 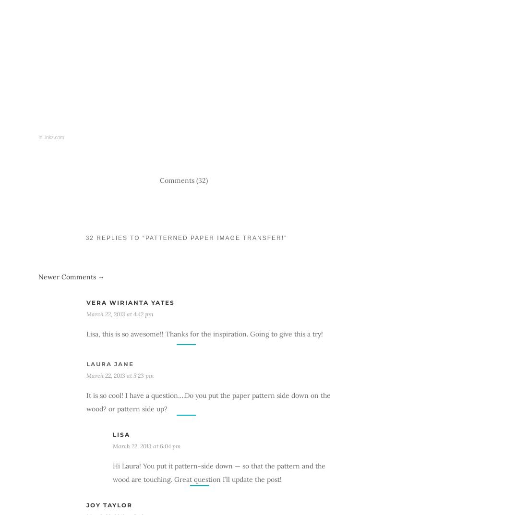 I want to click on 'March 22, 2013 at 4:42 pm', so click(x=120, y=313).